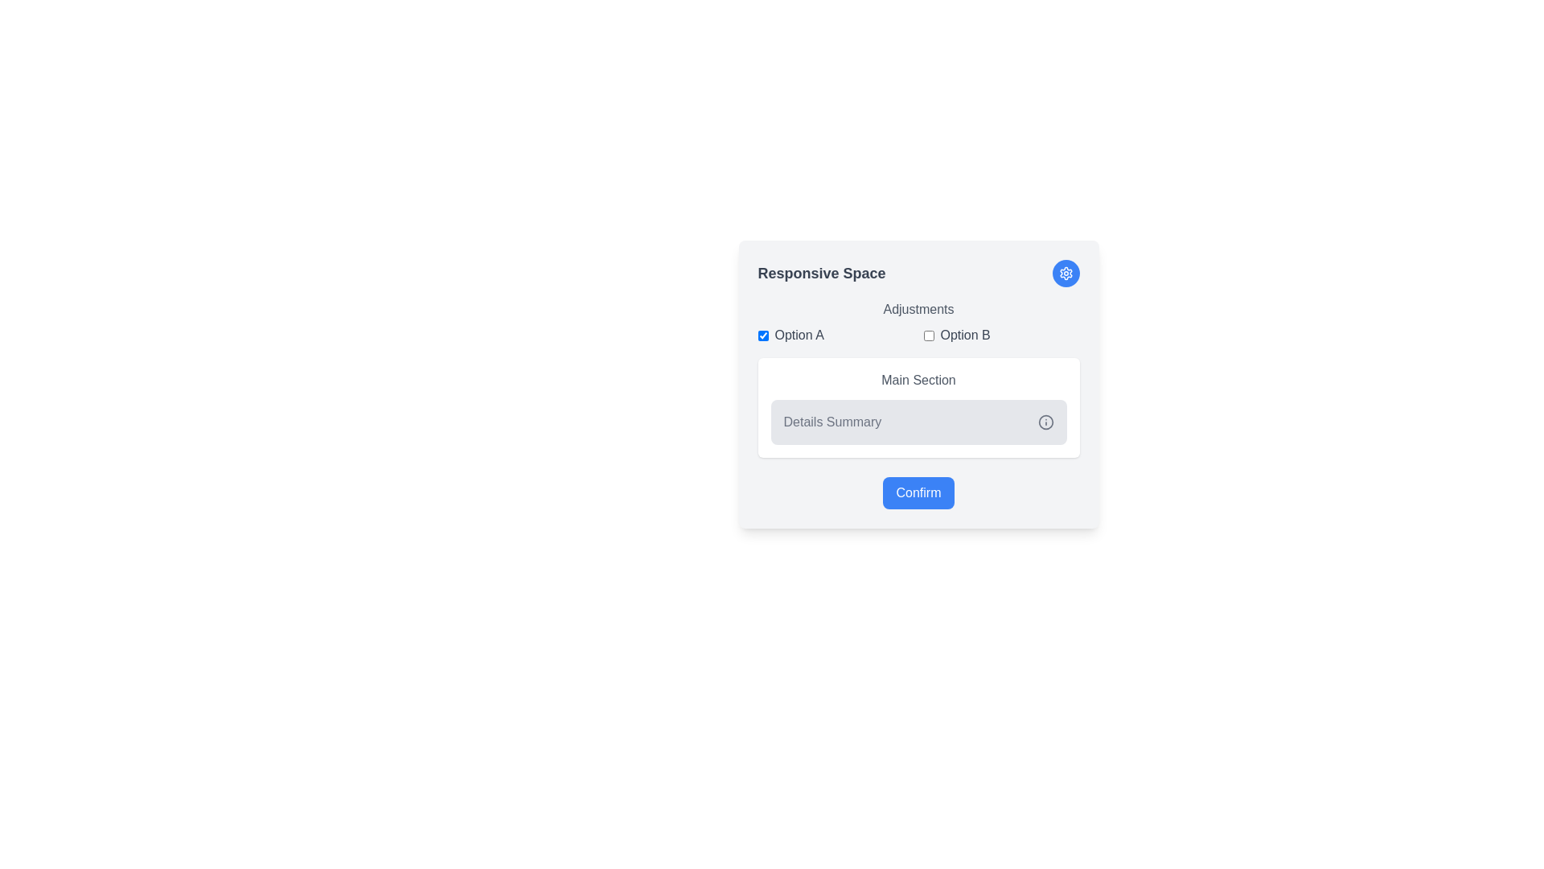 This screenshot has width=1544, height=869. I want to click on the text label displaying 'Responsive Space' in bold, deep gray font located in the top-left section of the header of a centered card-style panel, so click(822, 272).